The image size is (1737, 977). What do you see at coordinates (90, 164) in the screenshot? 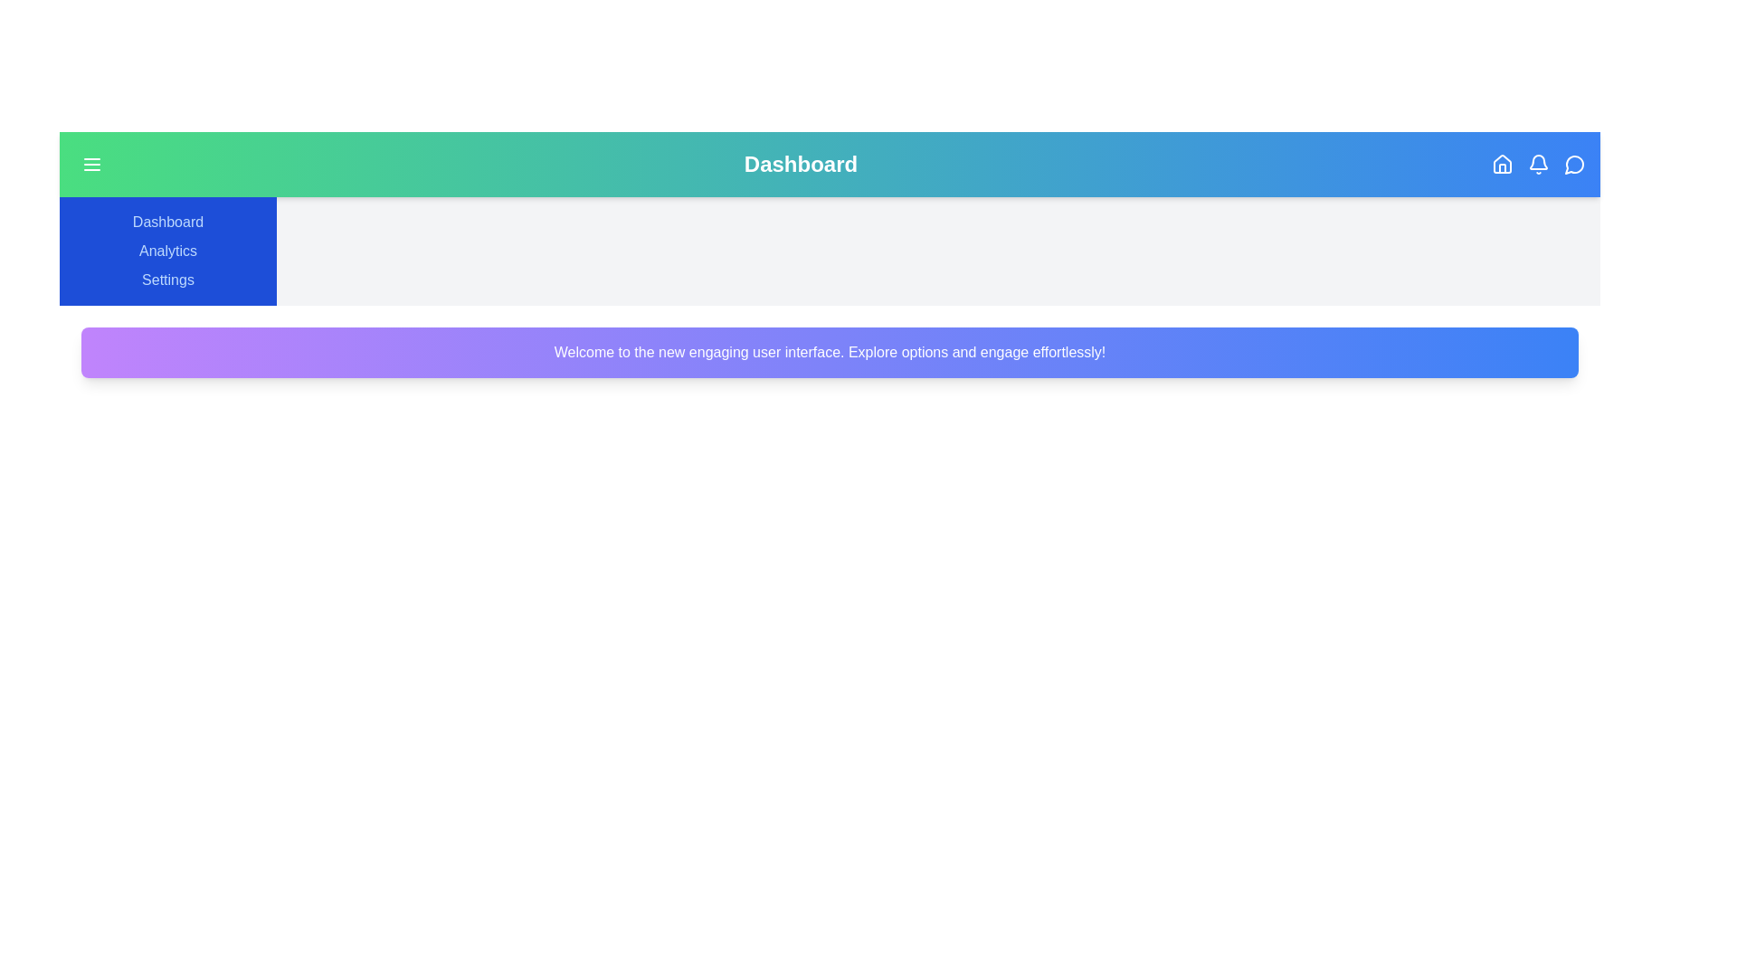
I see `the menu button to toggle the menu visibility` at bounding box center [90, 164].